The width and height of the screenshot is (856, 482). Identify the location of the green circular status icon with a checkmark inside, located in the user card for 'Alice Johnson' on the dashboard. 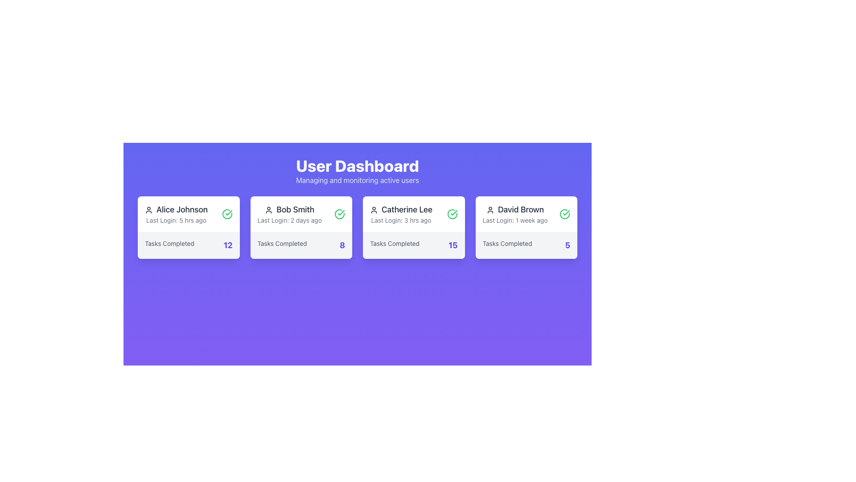
(227, 214).